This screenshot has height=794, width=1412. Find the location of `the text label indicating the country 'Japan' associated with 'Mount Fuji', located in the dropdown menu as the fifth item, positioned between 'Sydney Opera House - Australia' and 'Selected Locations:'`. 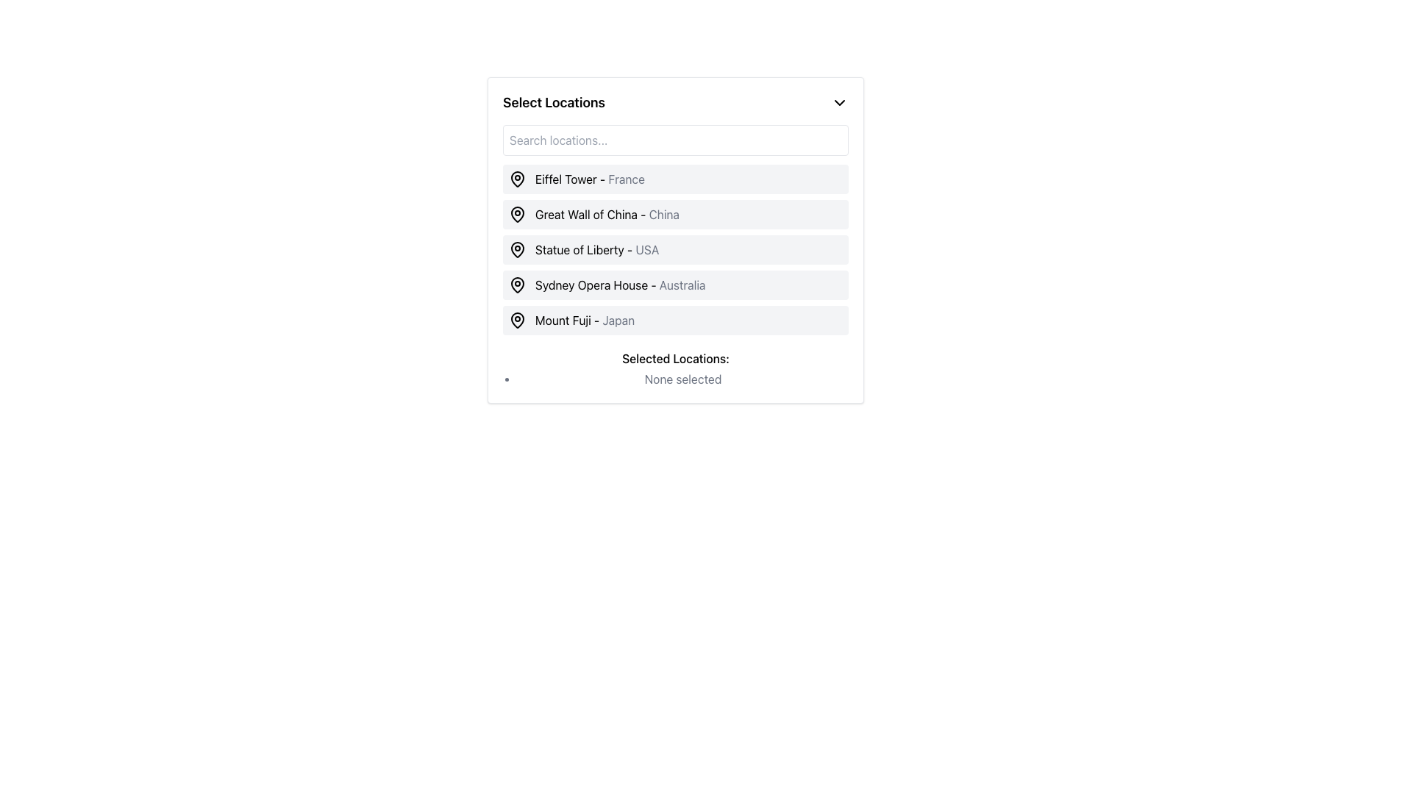

the text label indicating the country 'Japan' associated with 'Mount Fuji', located in the dropdown menu as the fifth item, positioned between 'Sydney Opera House - Australia' and 'Selected Locations:' is located at coordinates (618, 319).